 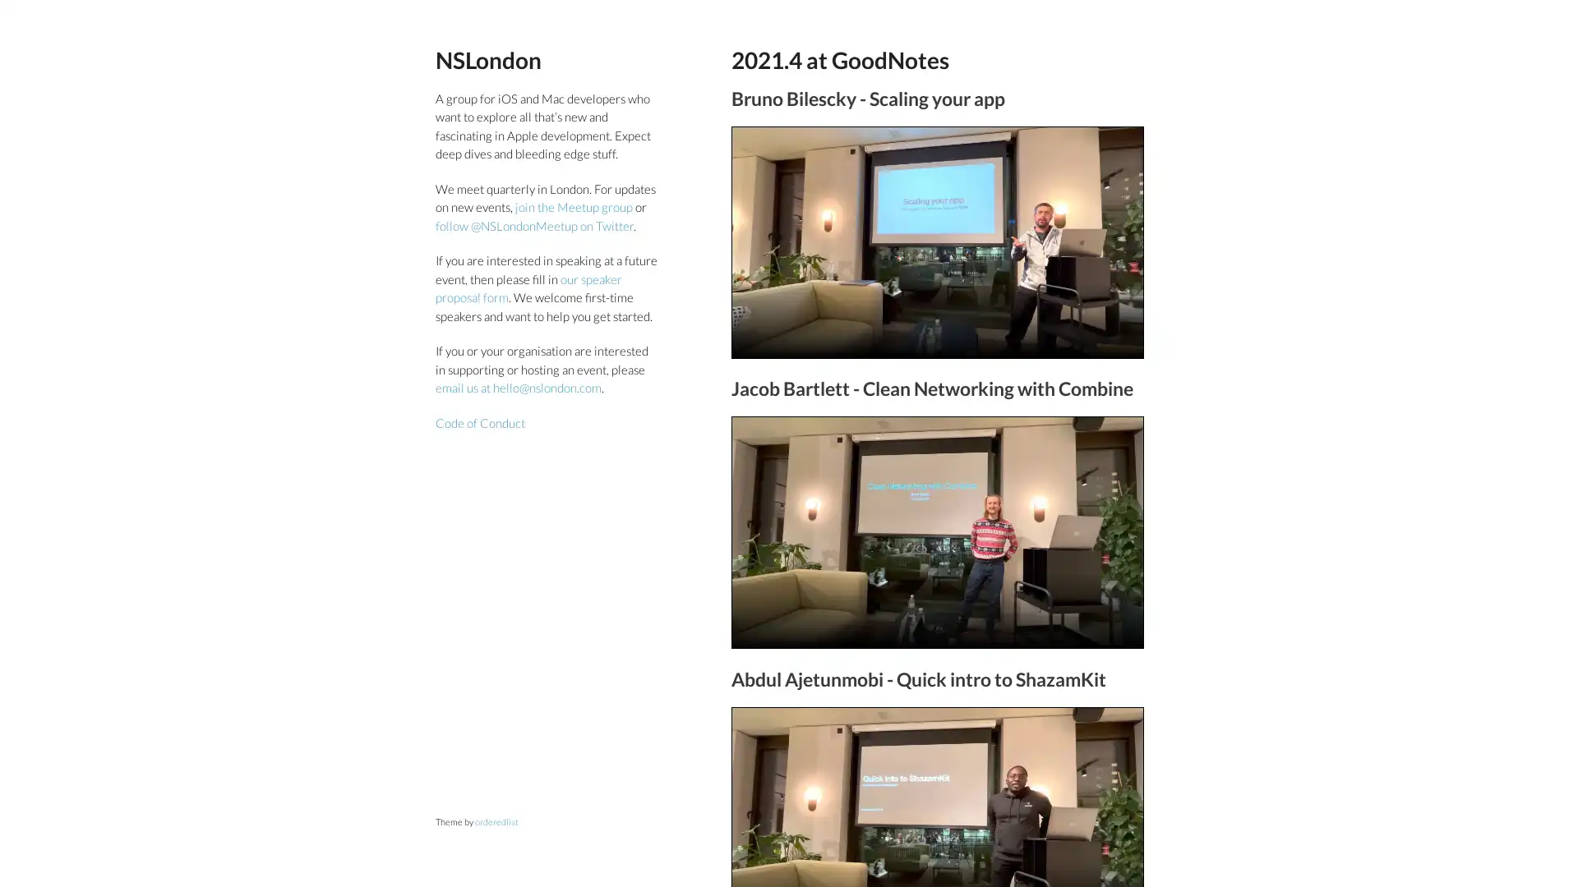 What do you see at coordinates (1123, 608) in the screenshot?
I see `show more media controls` at bounding box center [1123, 608].